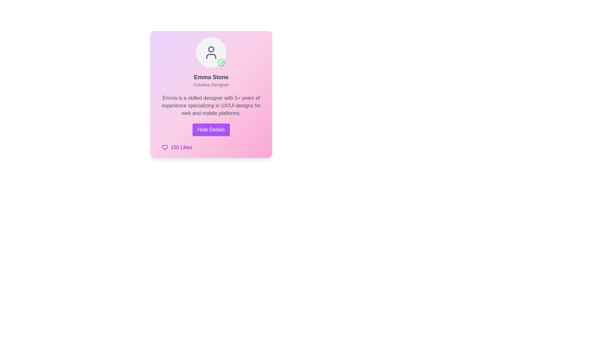 The height and width of the screenshot is (342, 609). I want to click on the checkmark graphic vector icon located in the top-right corner of the profile picture area, which signifies a 'verified' status, so click(222, 62).